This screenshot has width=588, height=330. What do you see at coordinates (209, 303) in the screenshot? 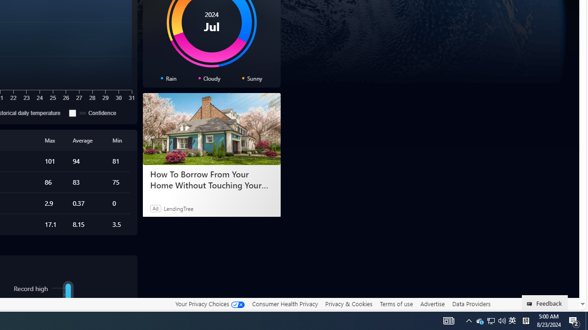
I see `'Your Privacy Choices'` at bounding box center [209, 303].